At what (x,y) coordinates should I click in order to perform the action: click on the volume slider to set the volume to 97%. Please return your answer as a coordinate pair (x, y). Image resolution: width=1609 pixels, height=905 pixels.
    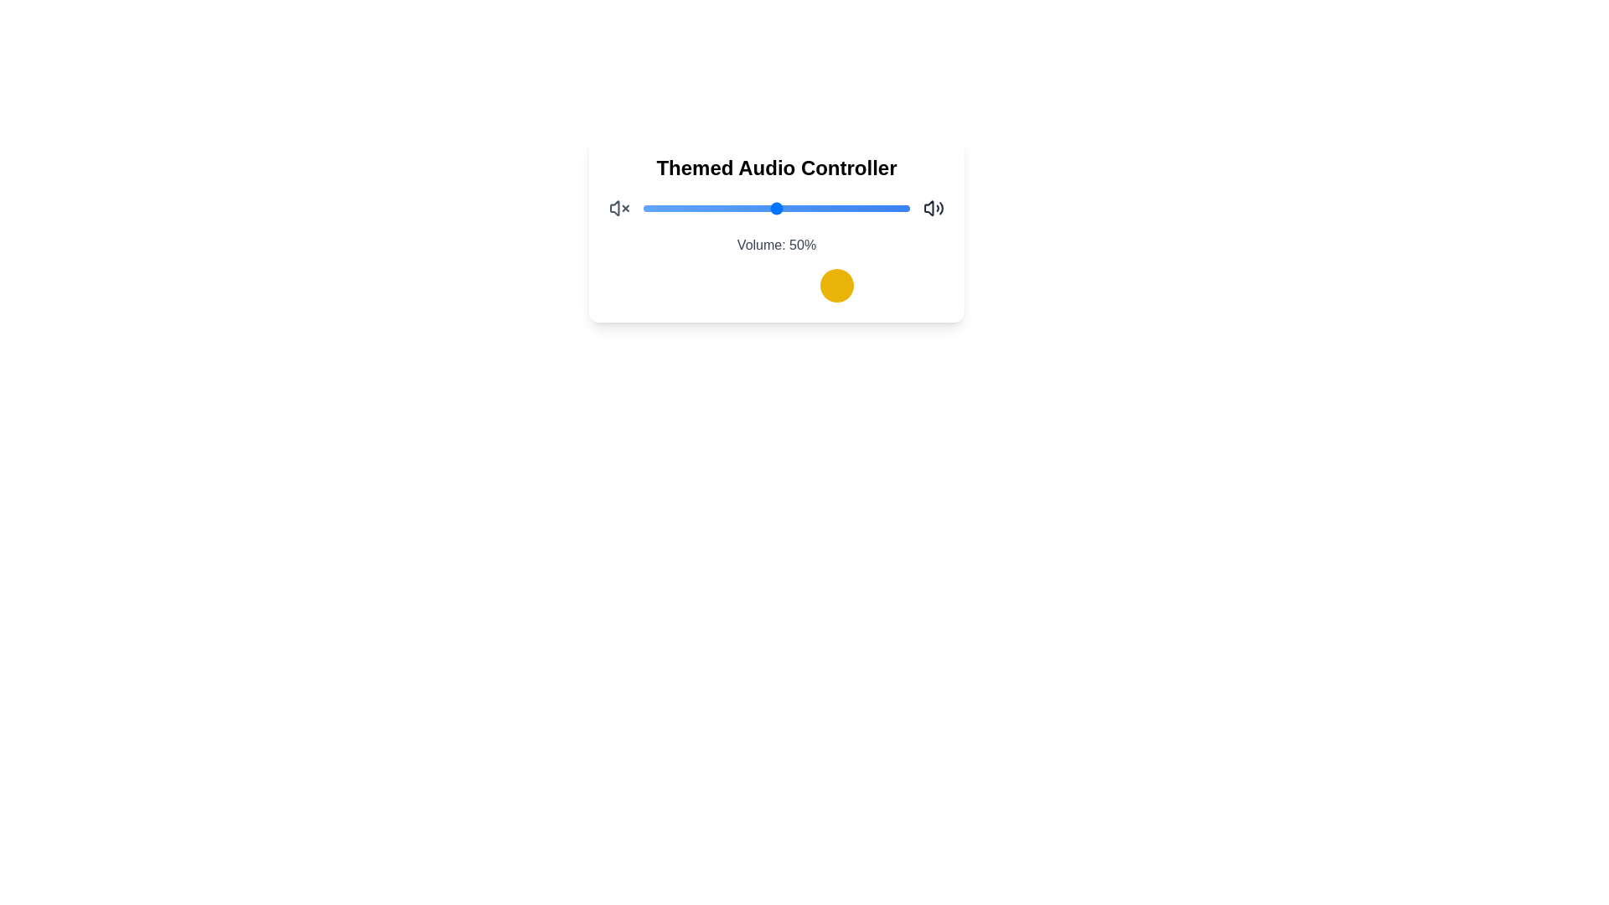
    Looking at the image, I should click on (901, 208).